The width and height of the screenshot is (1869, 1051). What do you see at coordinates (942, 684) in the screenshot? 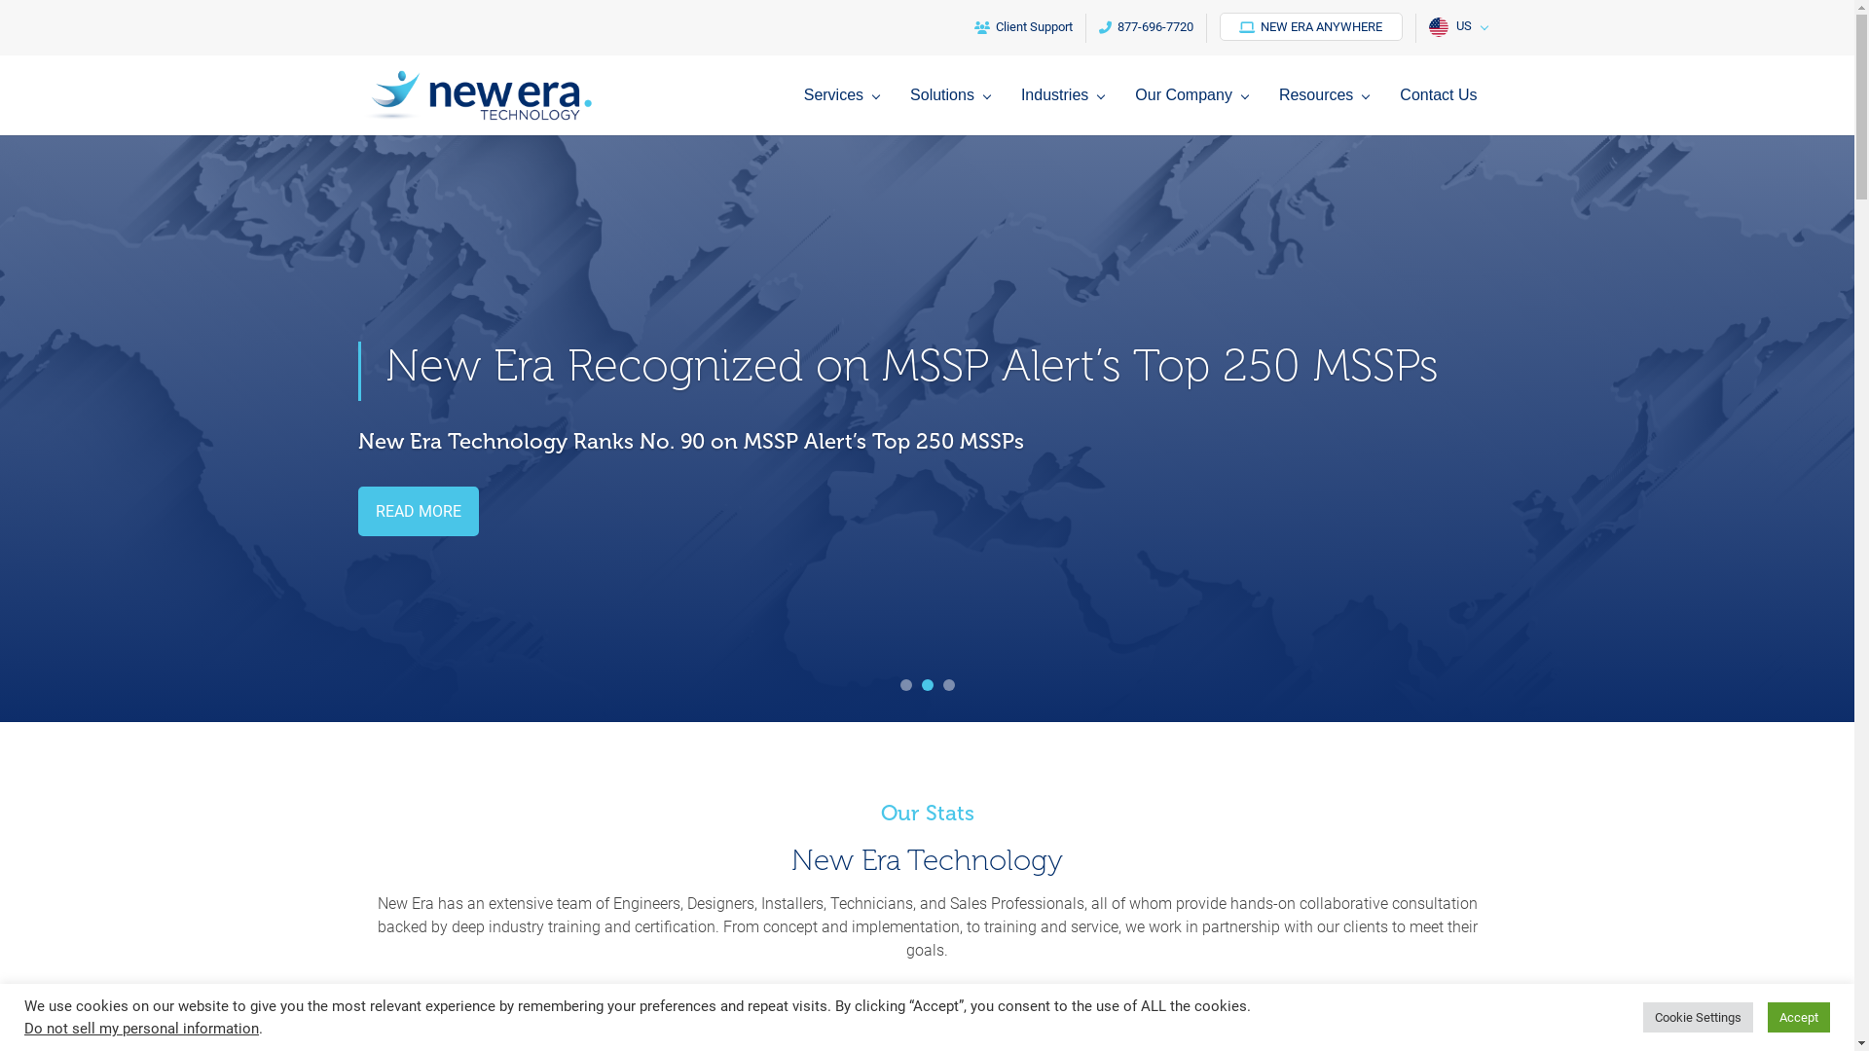
I see `'3'` at bounding box center [942, 684].